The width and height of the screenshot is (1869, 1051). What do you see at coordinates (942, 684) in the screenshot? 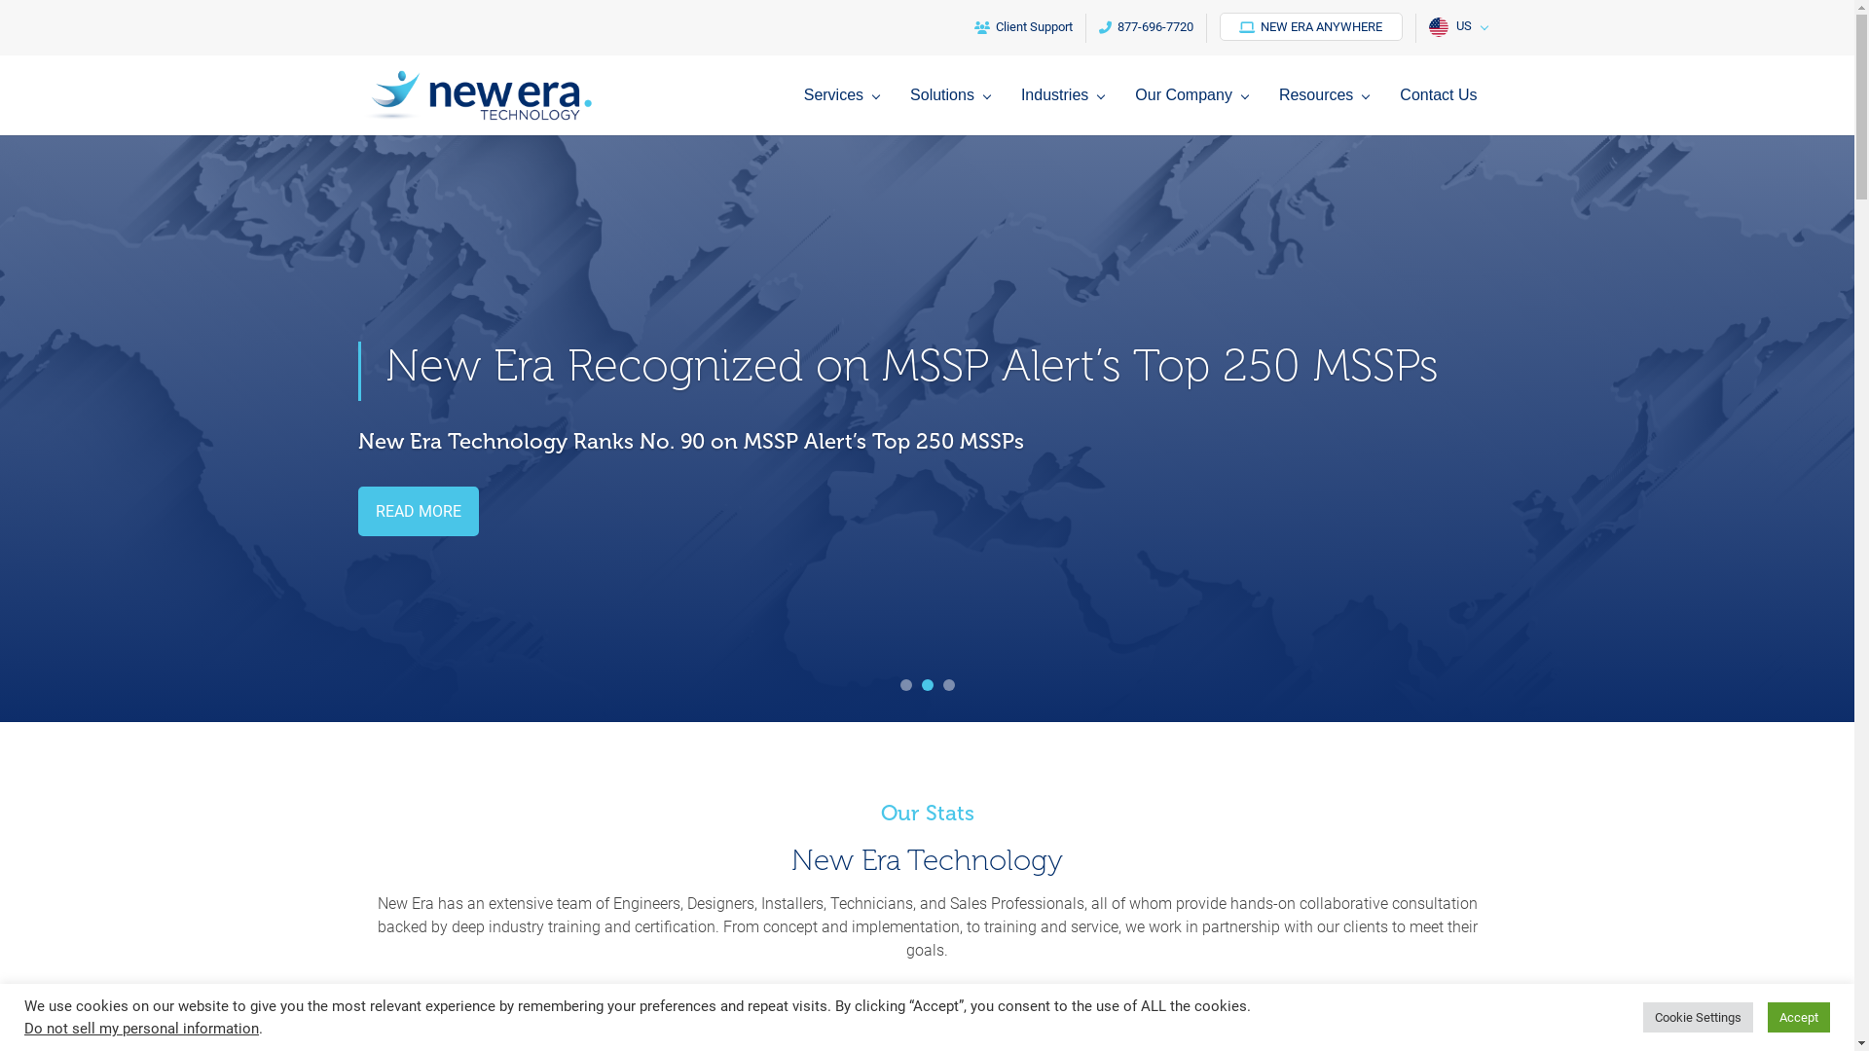
I see `'3'` at bounding box center [942, 684].